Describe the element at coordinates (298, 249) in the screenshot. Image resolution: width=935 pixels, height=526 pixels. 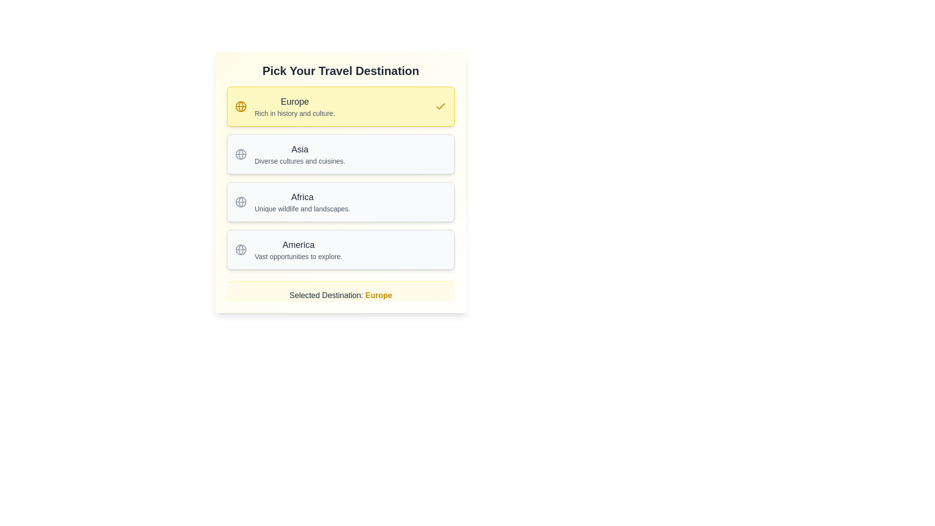
I see `the text label for the travel destination 'America' within the selectable card component` at that location.